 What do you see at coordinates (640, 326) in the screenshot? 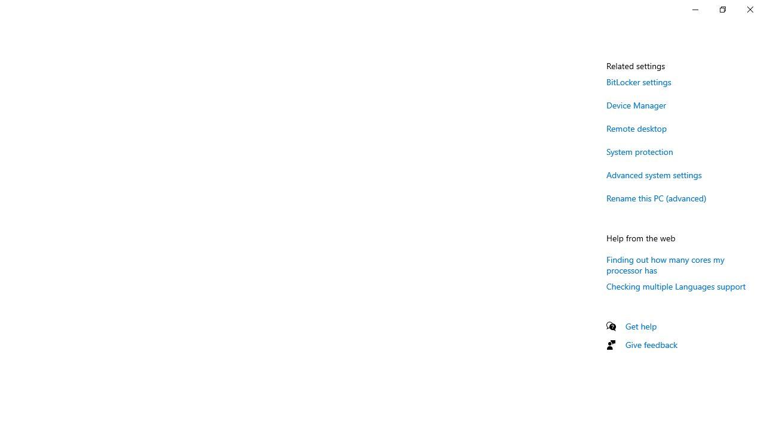
I see `'Get help'` at bounding box center [640, 326].